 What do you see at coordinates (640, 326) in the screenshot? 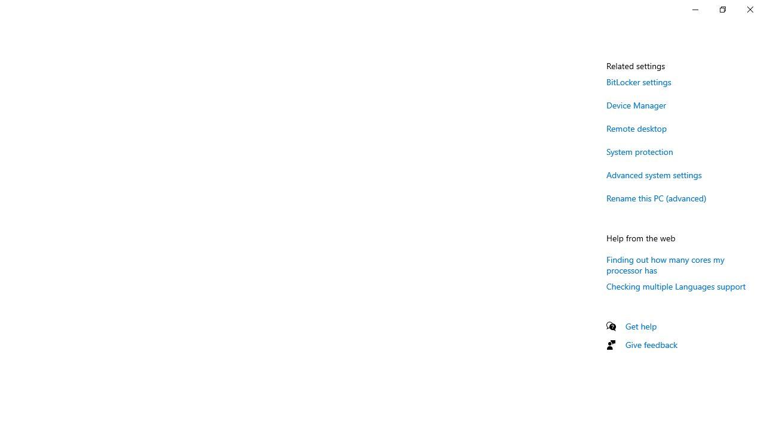
I see `'Get help'` at bounding box center [640, 326].